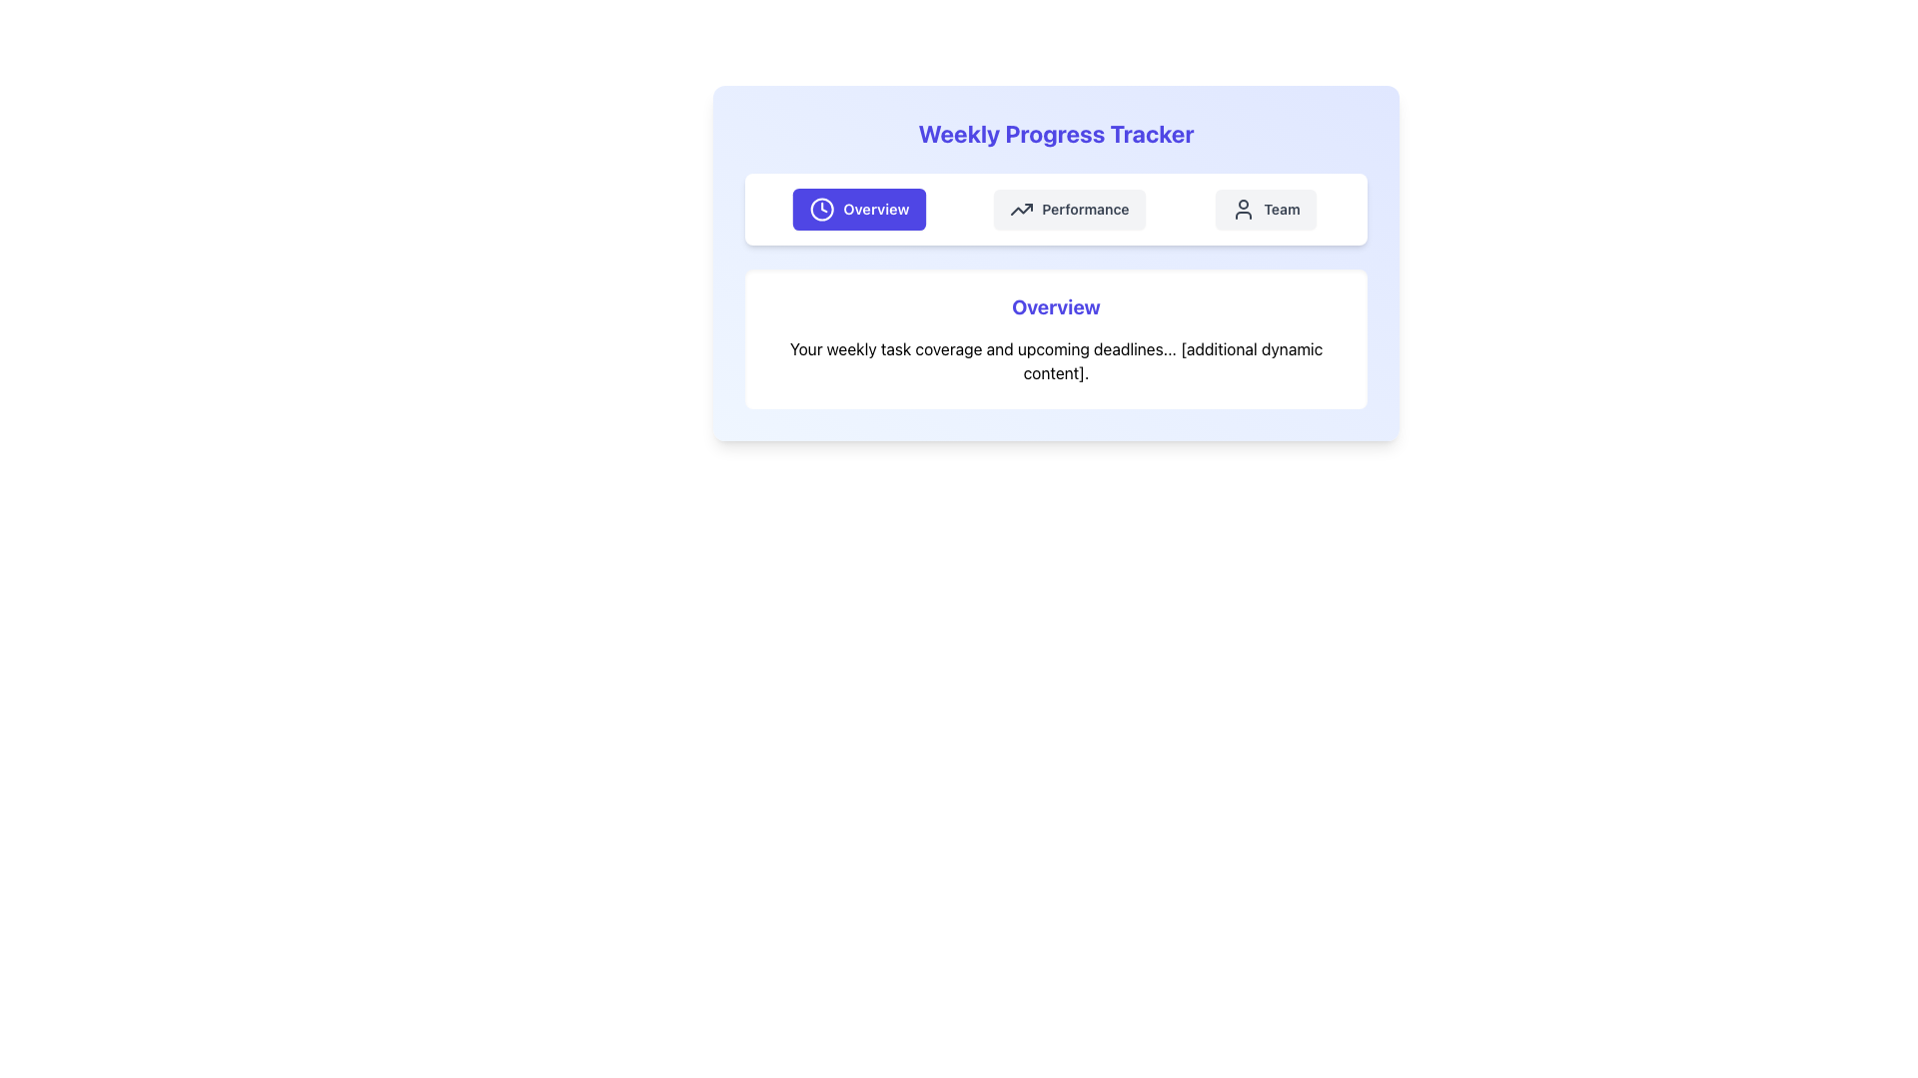 This screenshot has width=1918, height=1078. Describe the element at coordinates (1265, 209) in the screenshot. I see `the 'Team' button, which is a rectangular UI component with the text 'Team' and a user profile icon, located at the top-right of the button group` at that location.